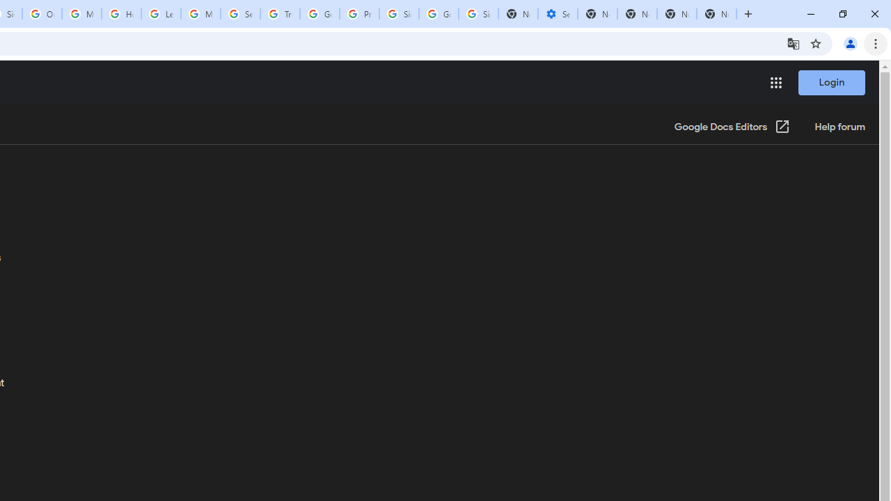 This screenshot has width=891, height=501. Describe the element at coordinates (732, 127) in the screenshot. I see `'Google Docs Editors (Opens in new window)'` at that location.